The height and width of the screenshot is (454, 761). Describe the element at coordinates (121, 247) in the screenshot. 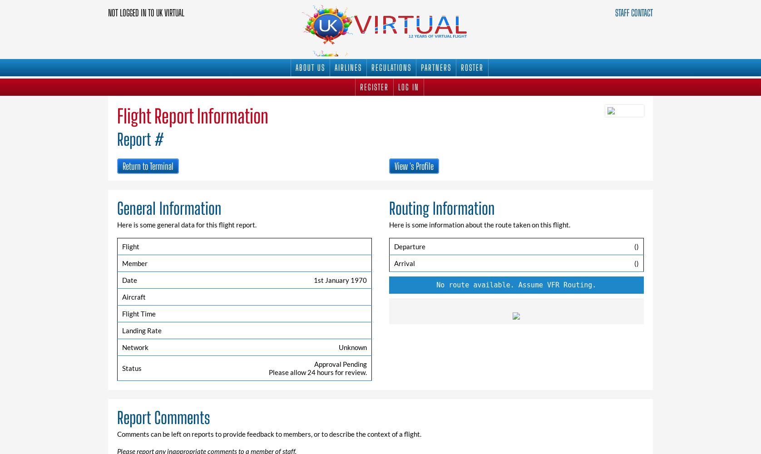

I see `'Flight'` at that location.